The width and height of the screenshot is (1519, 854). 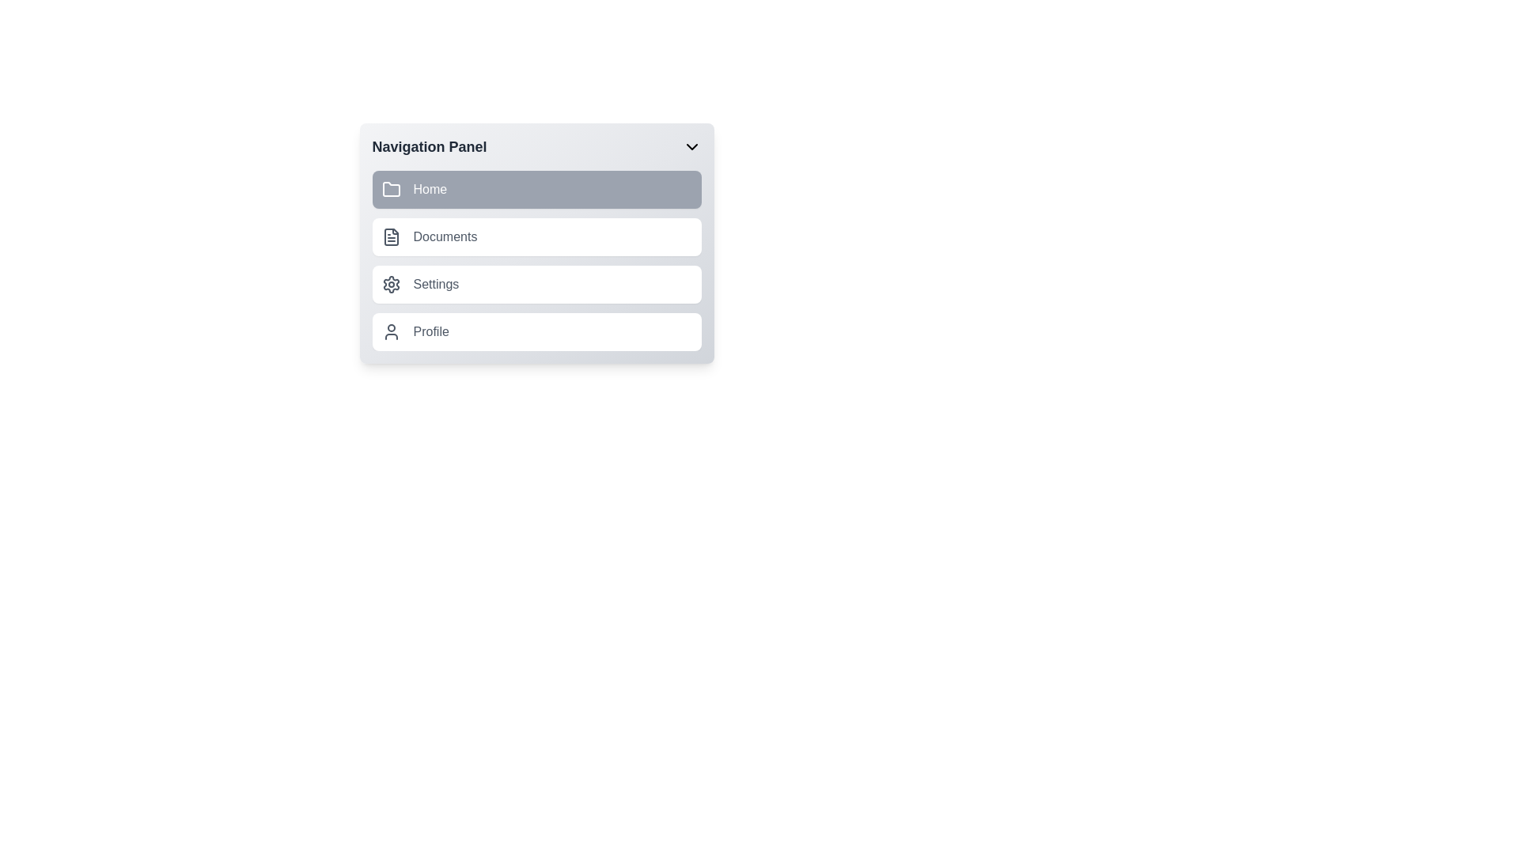 What do you see at coordinates (429, 146) in the screenshot?
I see `the bold text label reading 'Navigation Panel' located at the top-left area of the interface, styled with a dark gray font against a white background` at bounding box center [429, 146].